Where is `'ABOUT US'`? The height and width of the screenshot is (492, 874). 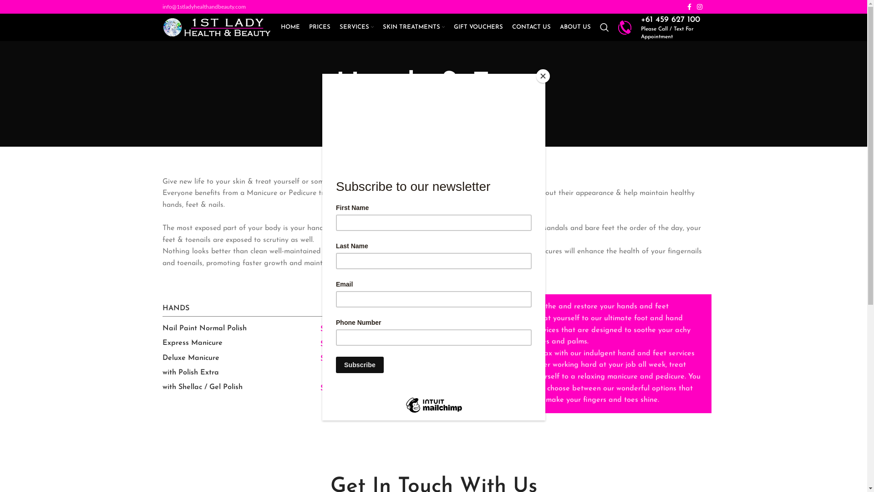 'ABOUT US' is located at coordinates (574, 27).